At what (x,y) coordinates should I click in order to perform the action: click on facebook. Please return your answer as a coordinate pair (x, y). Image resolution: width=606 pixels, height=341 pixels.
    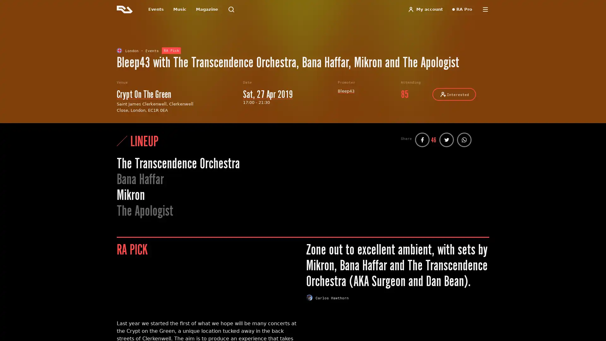
    Looking at the image, I should click on (422, 140).